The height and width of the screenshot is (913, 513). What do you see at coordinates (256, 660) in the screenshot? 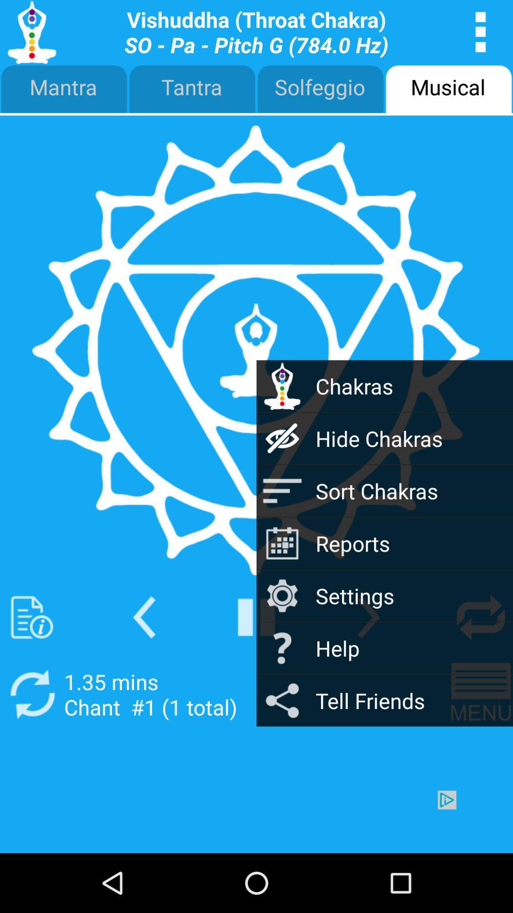
I see `the pause icon` at bounding box center [256, 660].